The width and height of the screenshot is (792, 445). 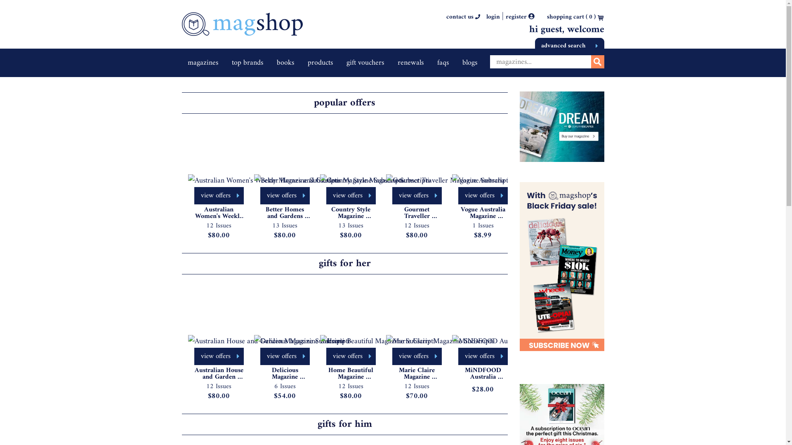 What do you see at coordinates (569, 44) in the screenshot?
I see `'advanced search'` at bounding box center [569, 44].